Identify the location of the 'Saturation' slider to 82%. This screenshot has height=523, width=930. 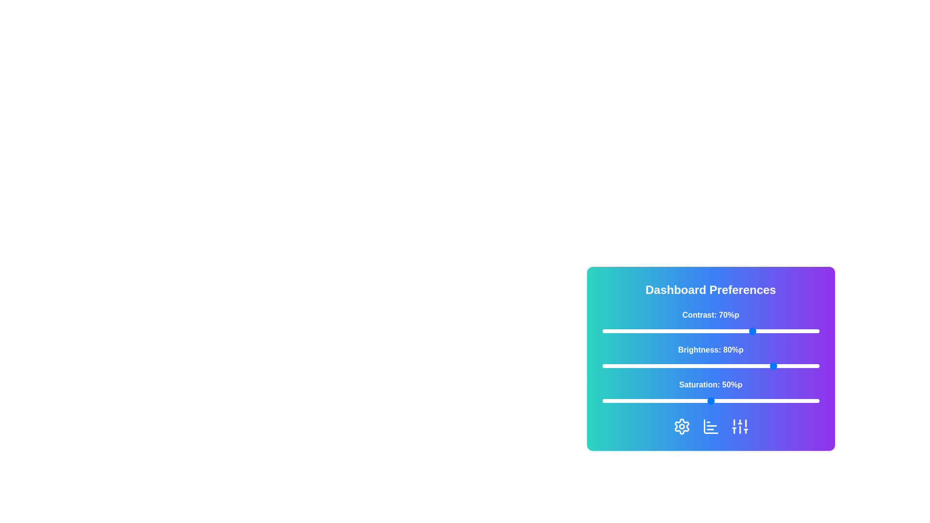
(780, 401).